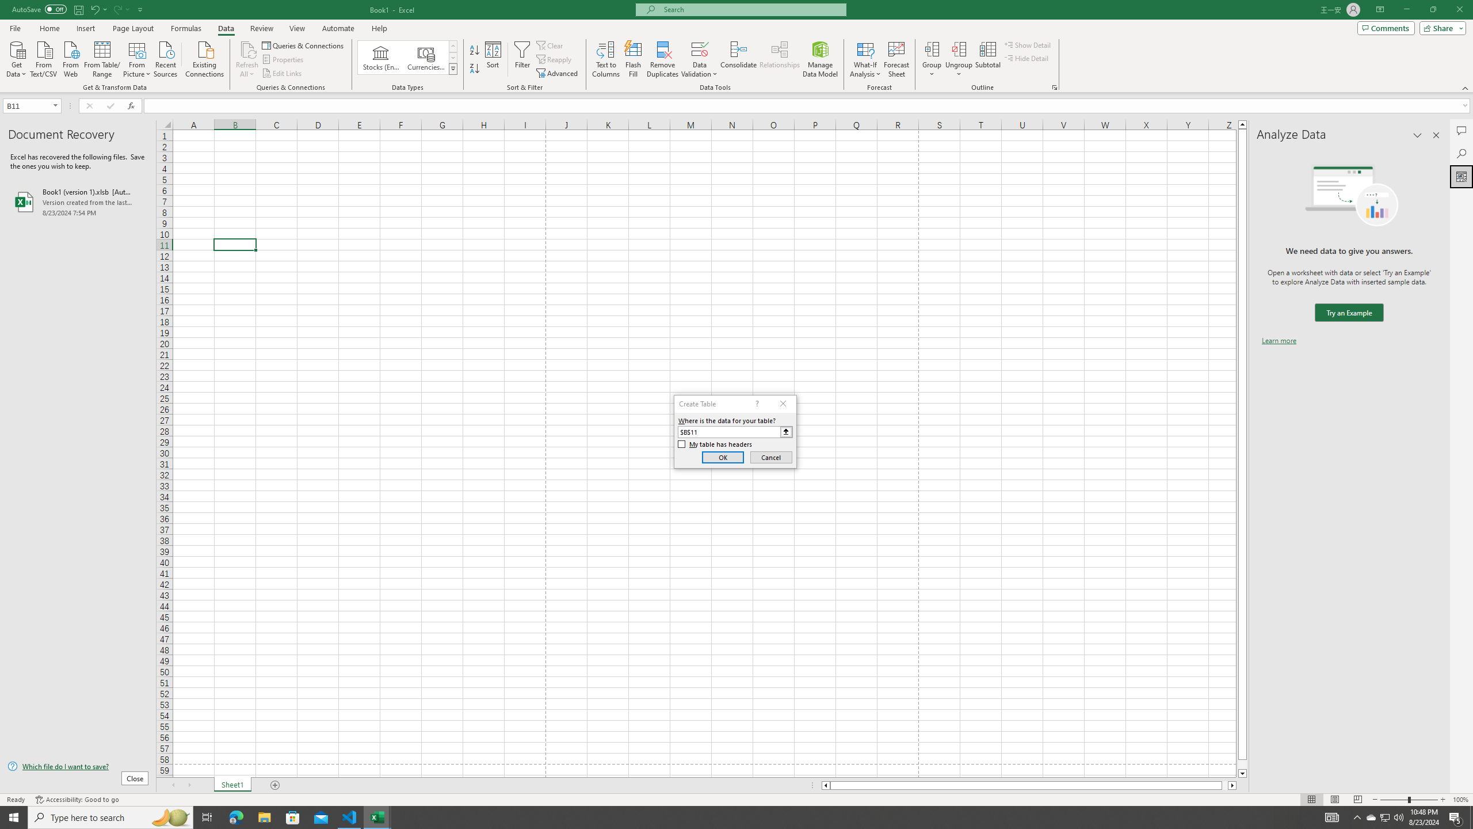 This screenshot has height=829, width=1473. What do you see at coordinates (166, 58) in the screenshot?
I see `'Recent Sources'` at bounding box center [166, 58].